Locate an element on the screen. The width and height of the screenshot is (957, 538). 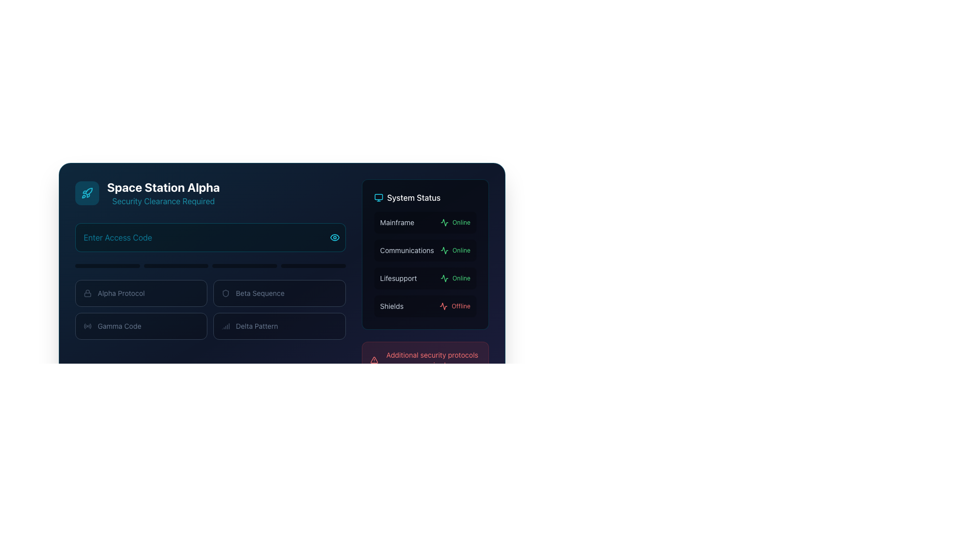
the 'Shields' text label, which is displayed in a small-sized light-gray font within the system status layout, positioned in the fourth row and to the left of the 'Offline' status is located at coordinates (391, 305).